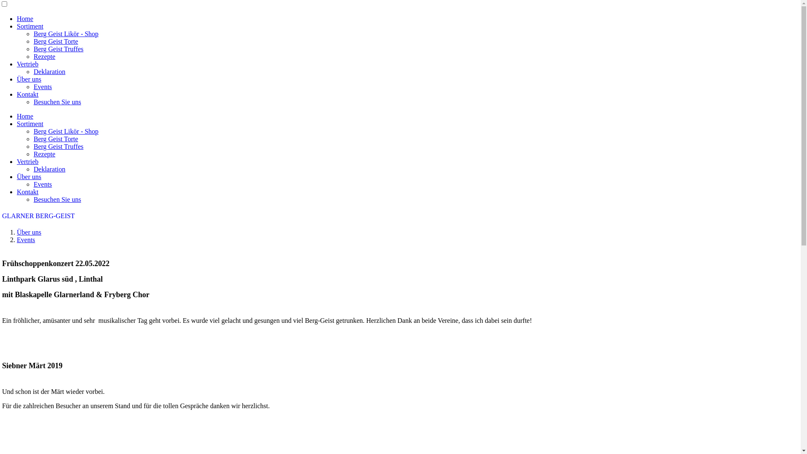  I want to click on 'Rezepte', so click(44, 56).